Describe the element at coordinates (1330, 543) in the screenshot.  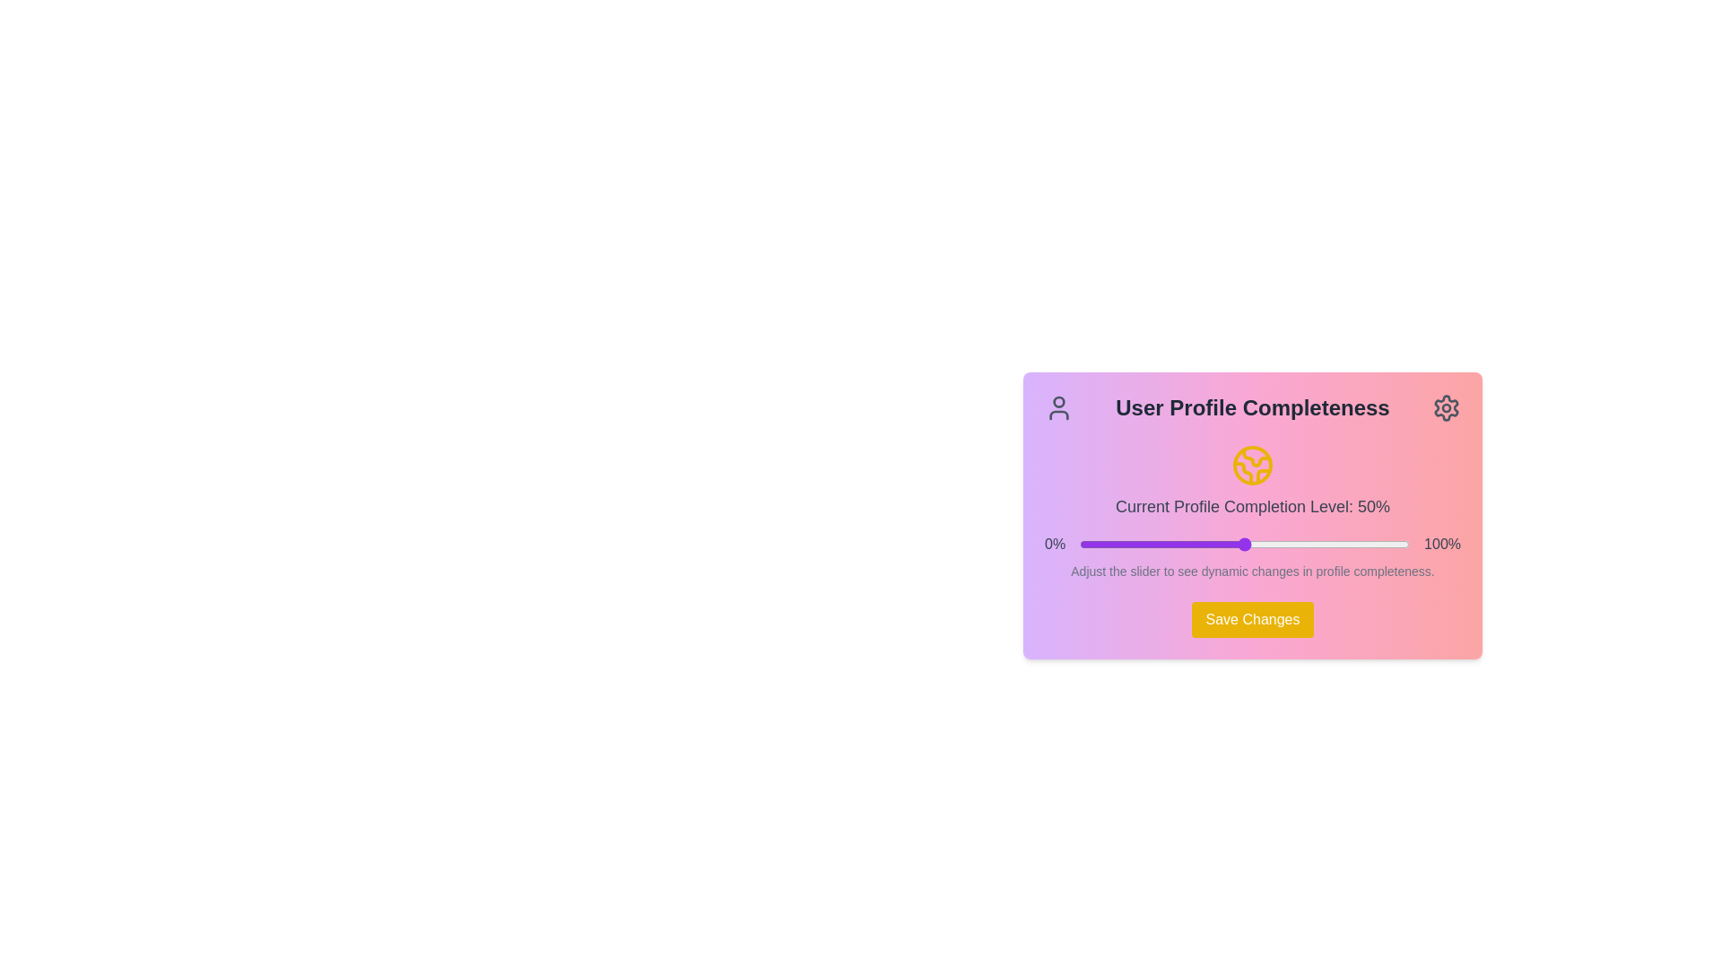
I see `the profile completeness level` at that location.